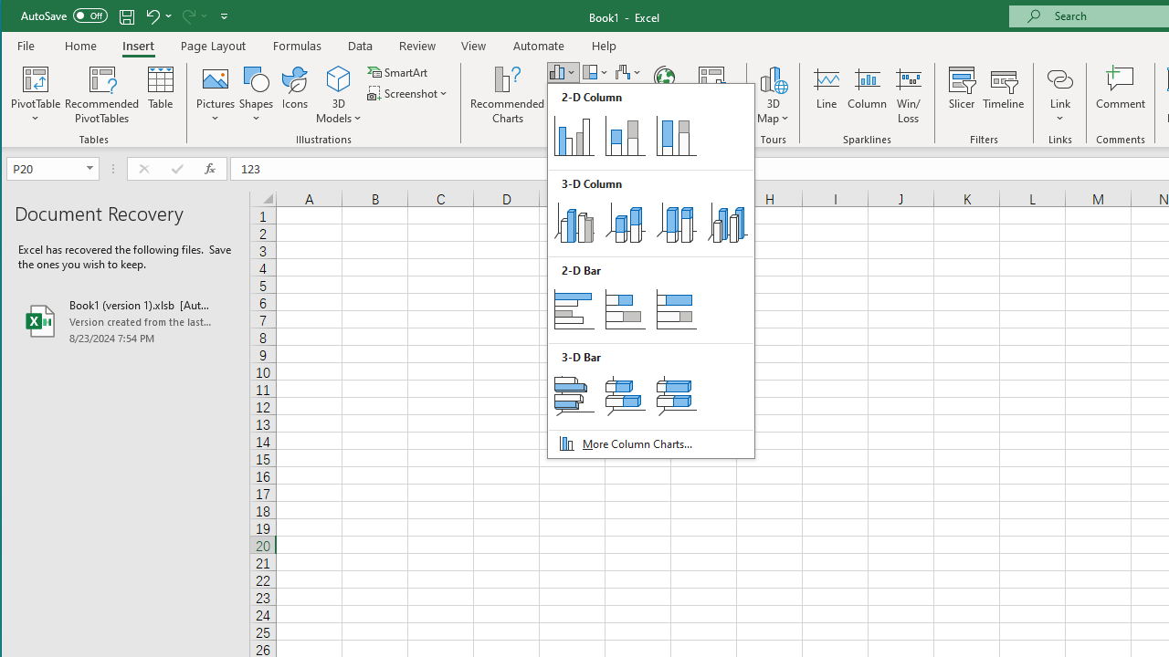 This screenshot has width=1169, height=657. I want to click on 'Home', so click(79, 45).